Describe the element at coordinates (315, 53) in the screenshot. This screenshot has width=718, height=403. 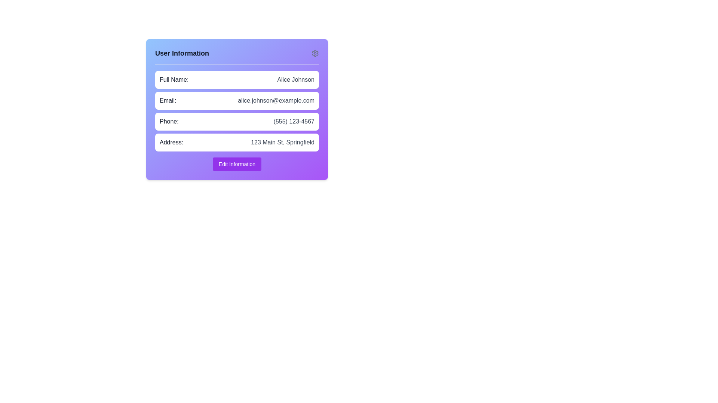
I see `the settings icon located` at that location.